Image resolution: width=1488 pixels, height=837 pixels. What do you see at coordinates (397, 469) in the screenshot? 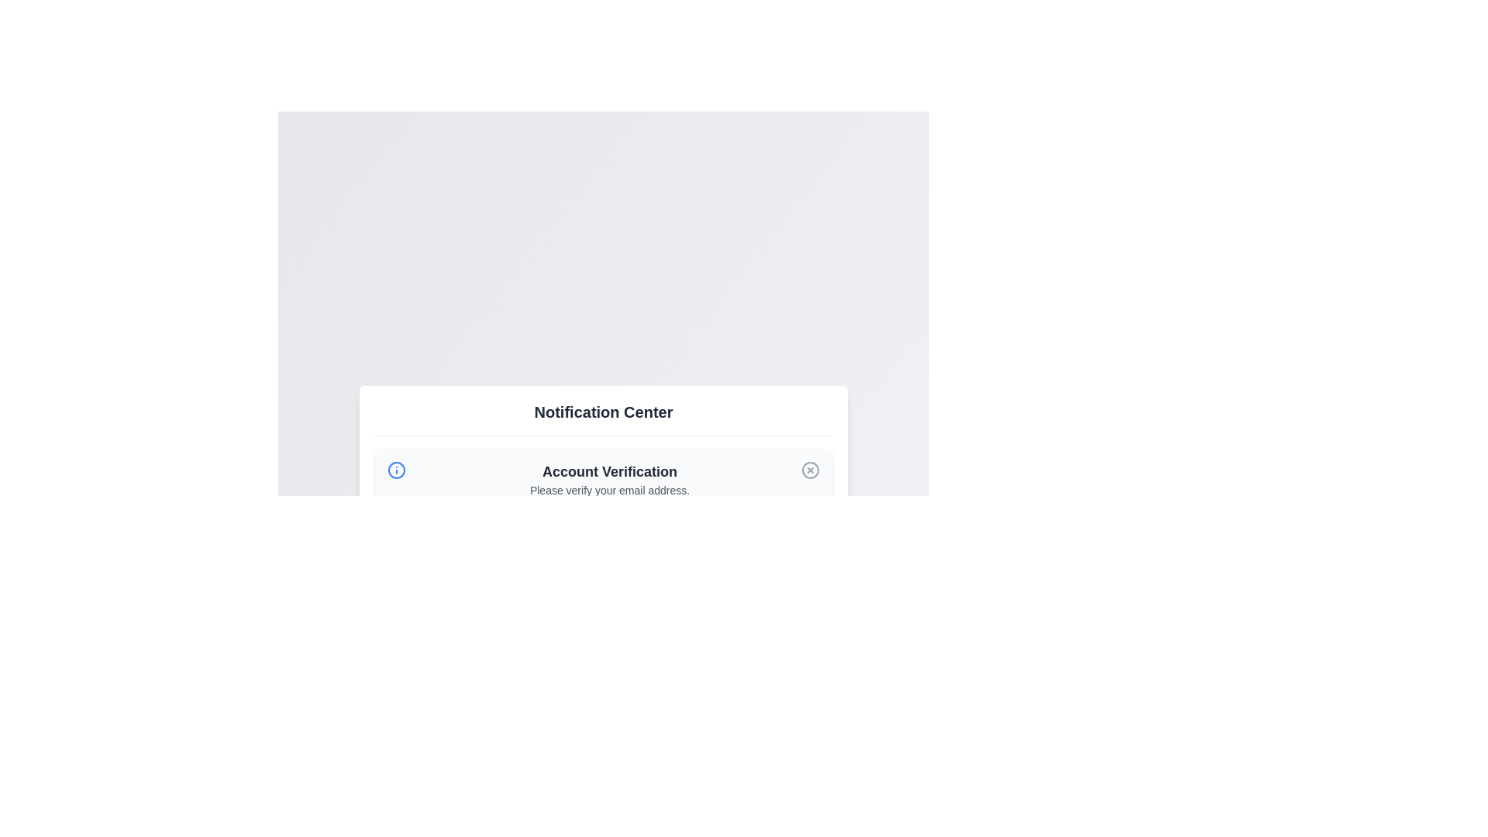
I see `the circular icon located beside the 'Account Verification' text and below the 'Notification Center' heading for information` at bounding box center [397, 469].